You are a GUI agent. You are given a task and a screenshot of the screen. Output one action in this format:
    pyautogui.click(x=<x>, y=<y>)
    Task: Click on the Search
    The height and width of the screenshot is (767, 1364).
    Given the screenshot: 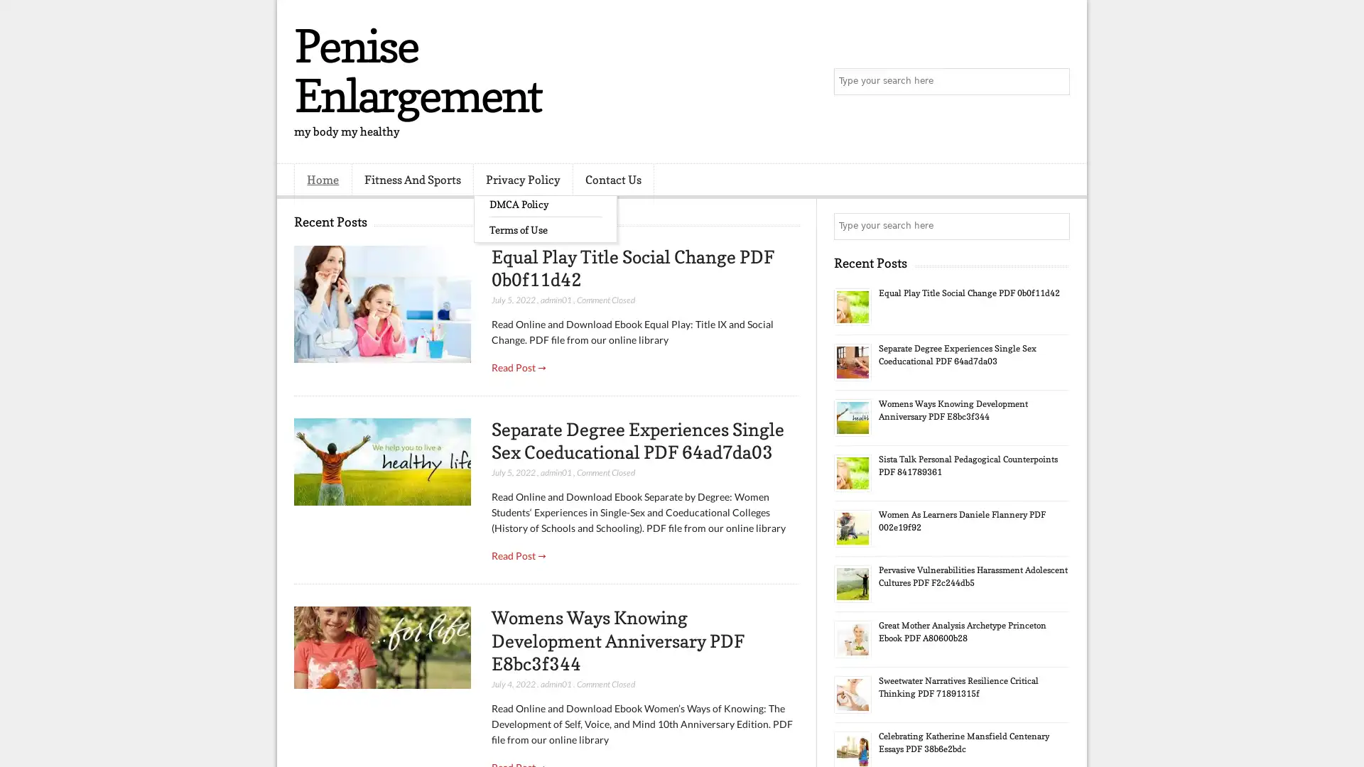 What is the action you would take?
    pyautogui.click(x=1055, y=226)
    